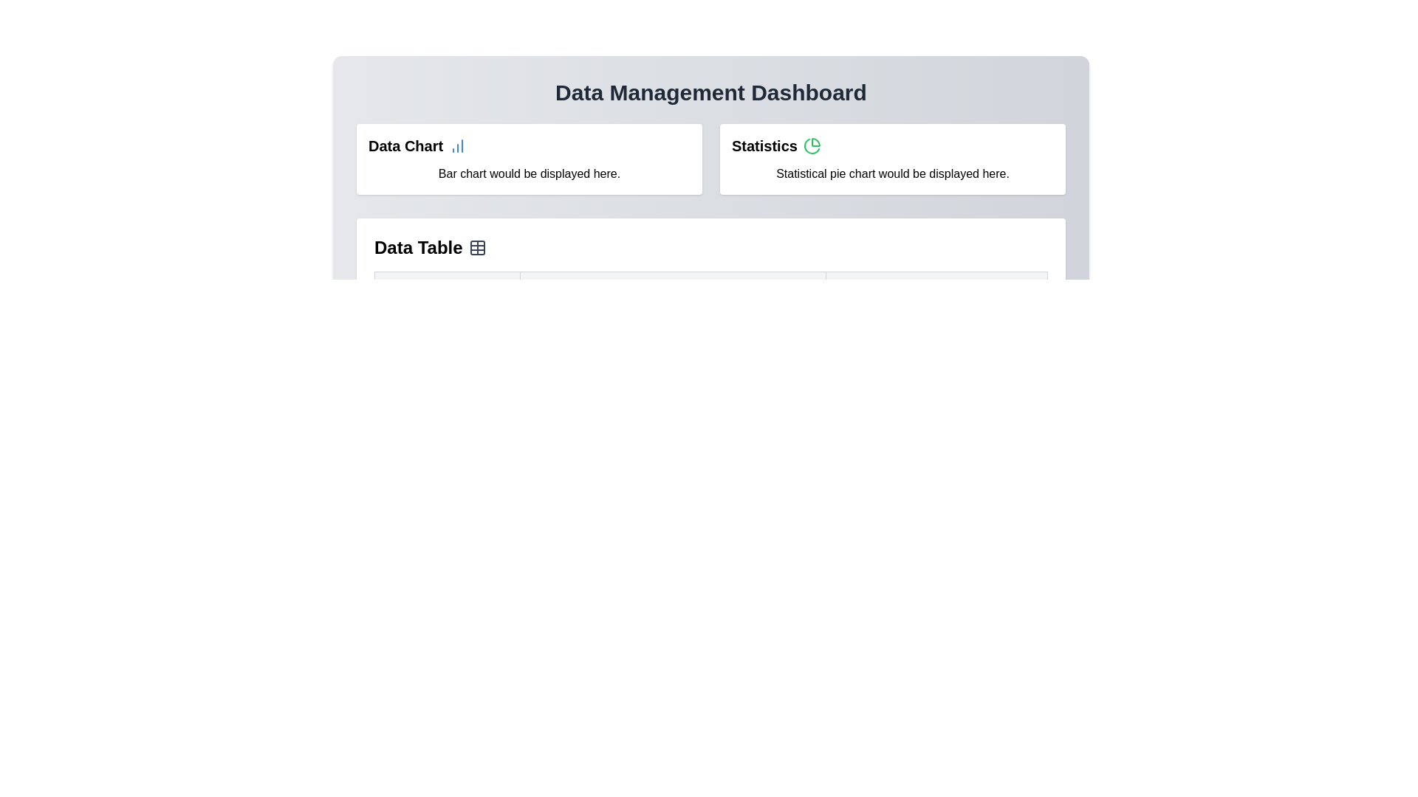  I want to click on the 'Data Management Dashboard' header to inspect it, so click(711, 93).